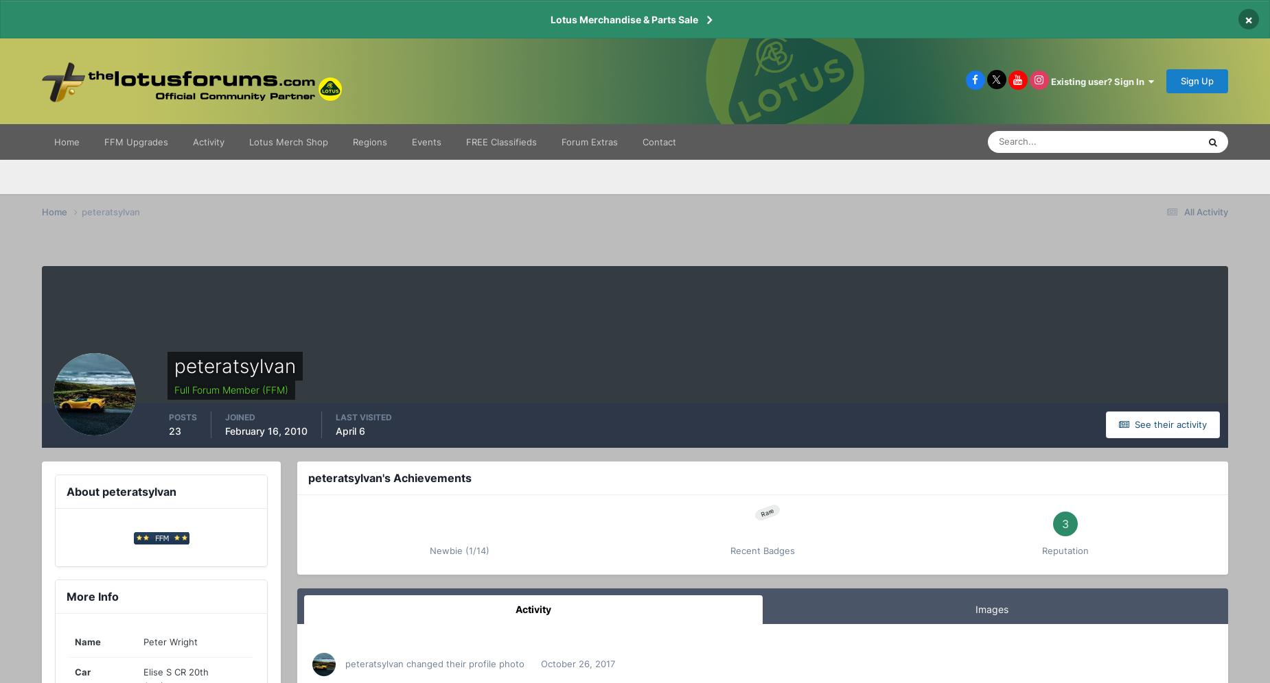  I want to click on '23', so click(174, 430).